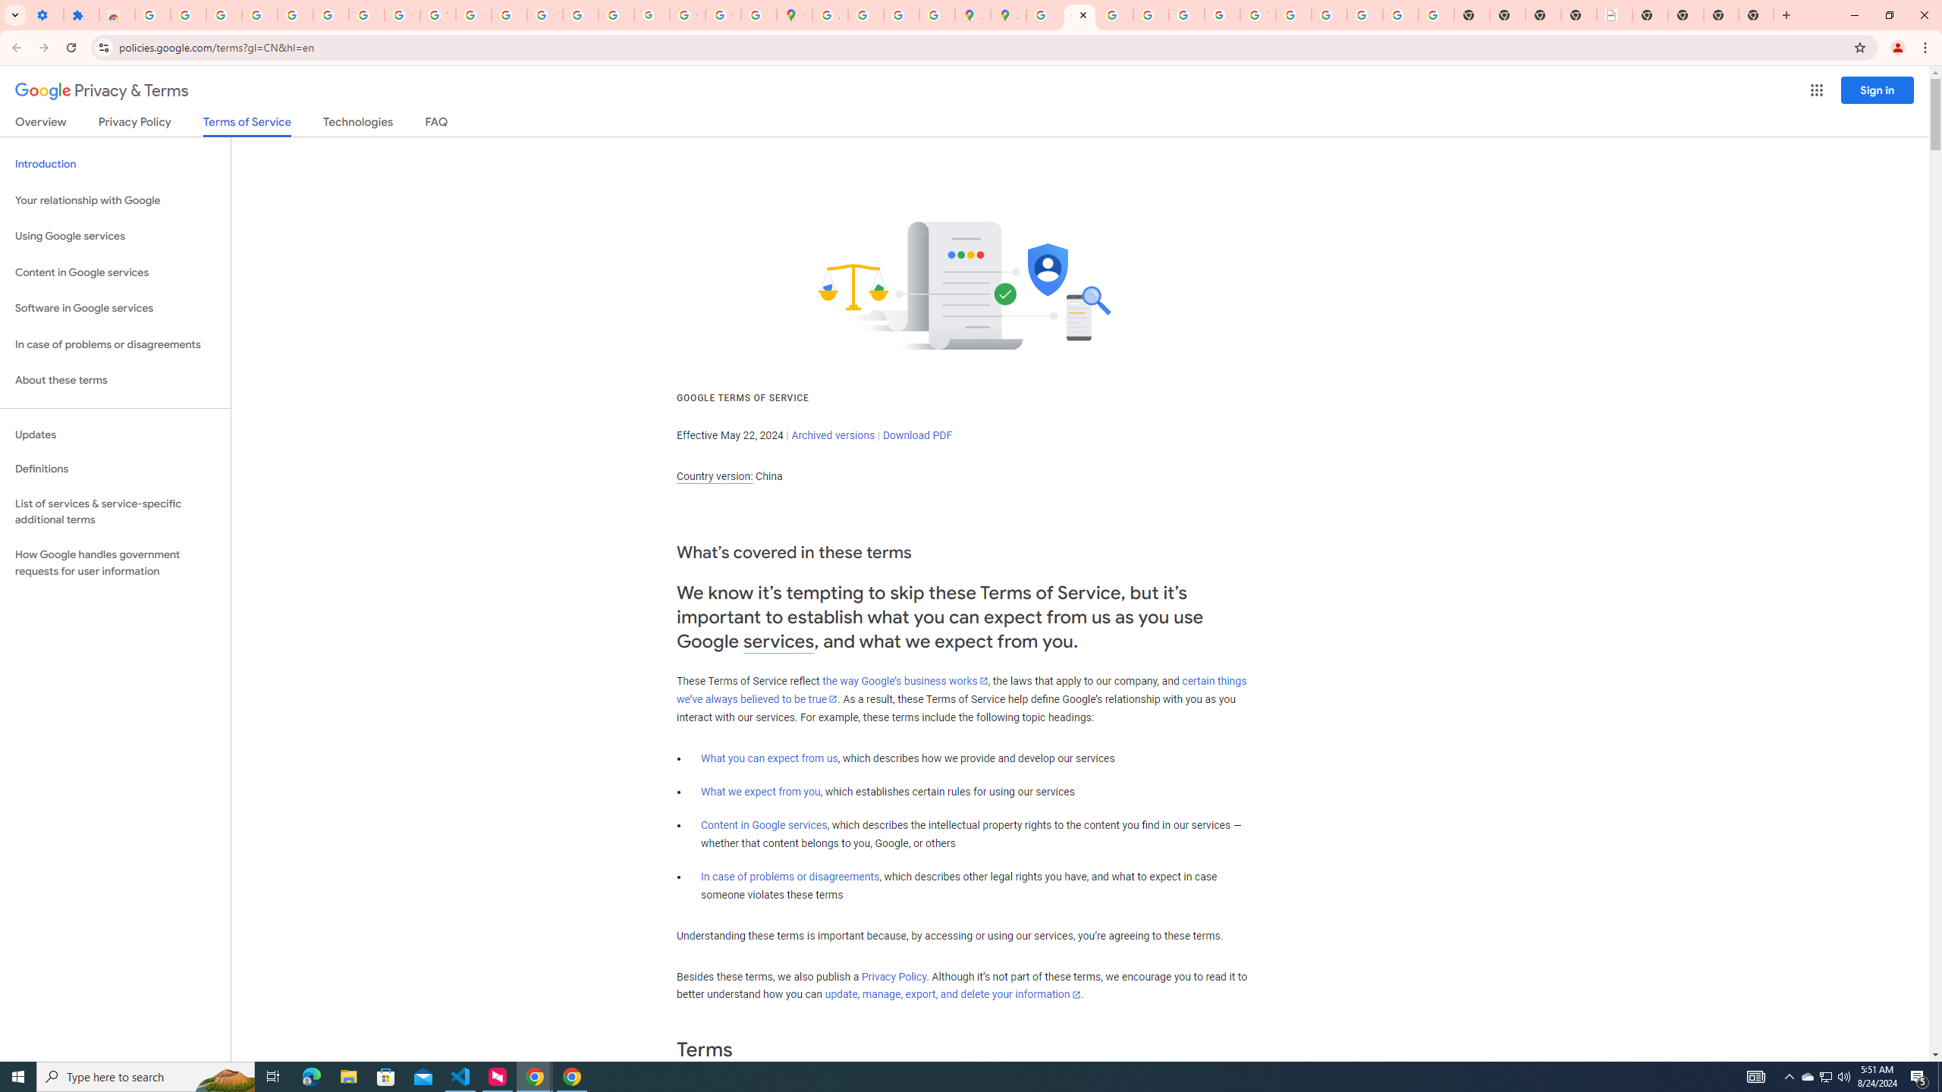 Image resolution: width=1942 pixels, height=1092 pixels. Describe the element at coordinates (117, 14) in the screenshot. I see `'Reviews: Helix Fruit Jump Arcade Game'` at that location.